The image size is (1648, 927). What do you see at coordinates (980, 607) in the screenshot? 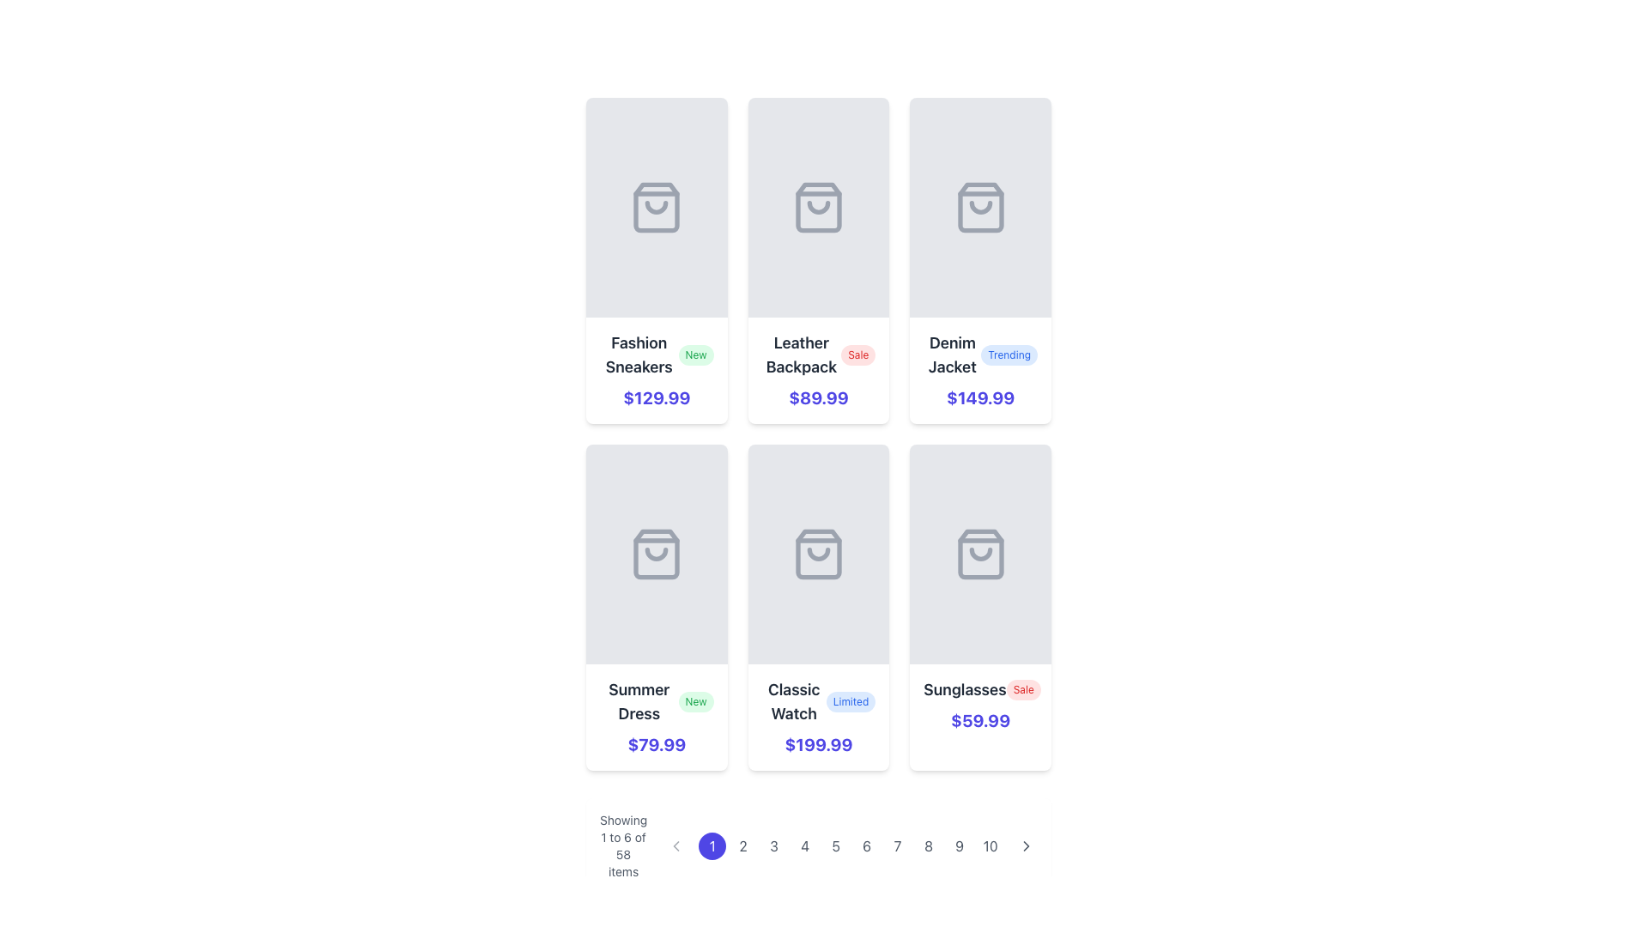
I see `the price '$59.99' located on the product card representing 'Sunglasses' in the grid layout, which is the sixth product card on the page` at bounding box center [980, 607].